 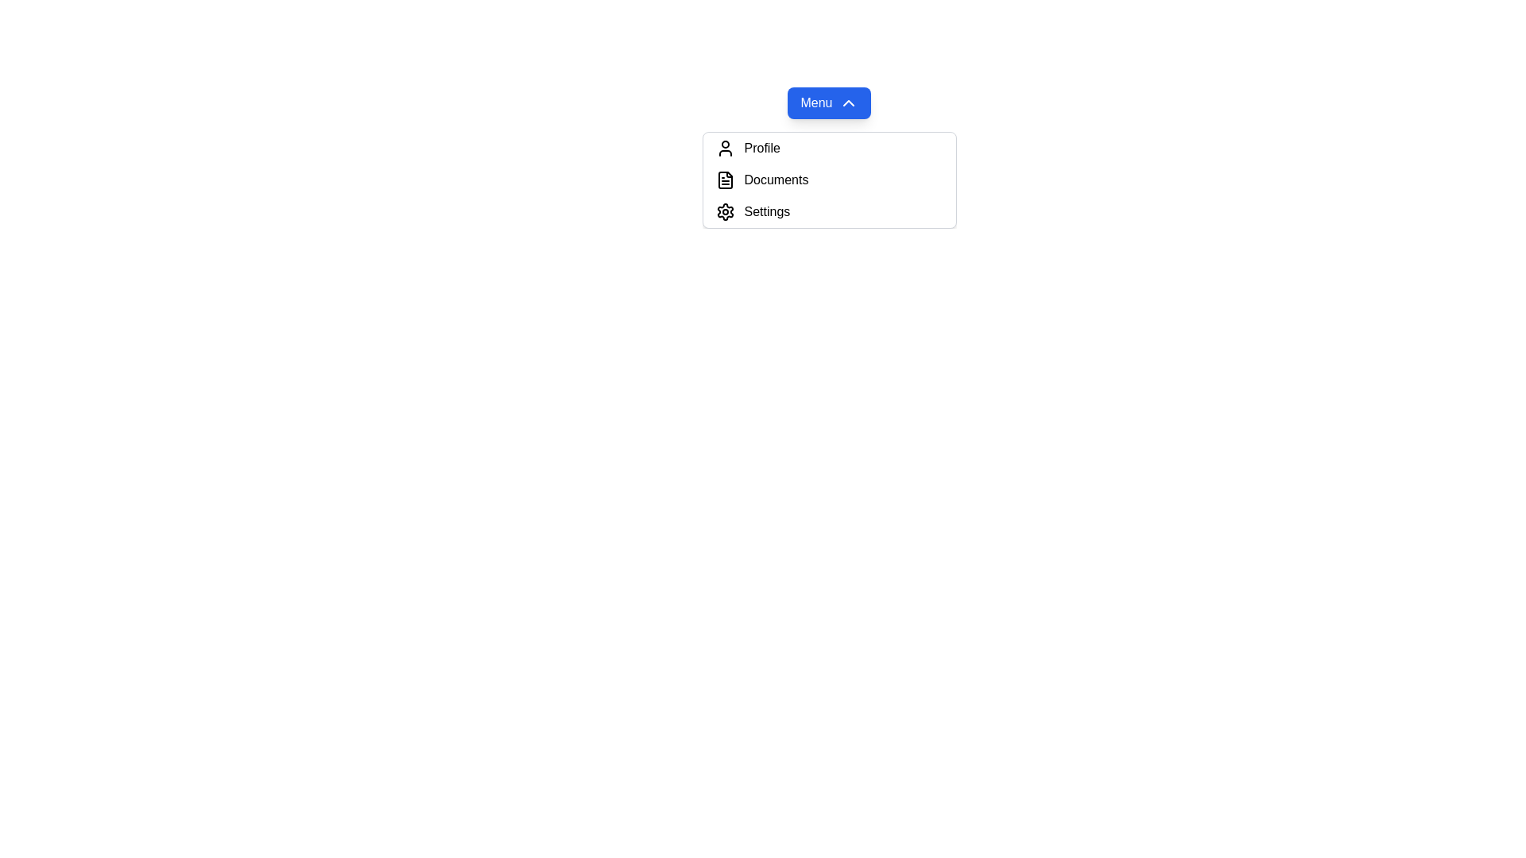 I want to click on the settings icon, a minimalist cog shape with a black outline, located to the left of the 'Settings' text in the menu's third option, so click(x=724, y=211).